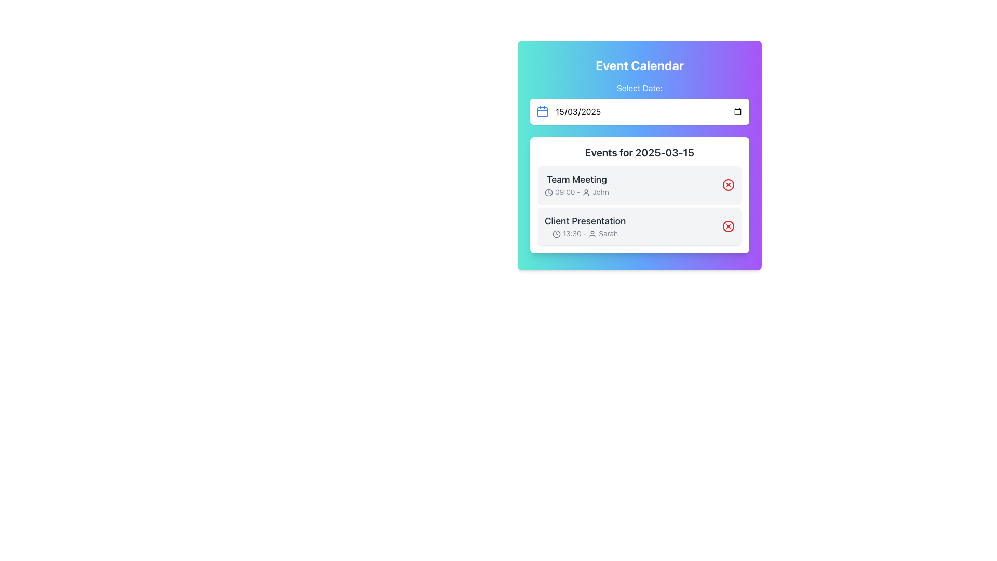  I want to click on the outer circle of the clock icon within the 'Team Meeting' event entry, which visually represents the clock's boundary, so click(548, 192).